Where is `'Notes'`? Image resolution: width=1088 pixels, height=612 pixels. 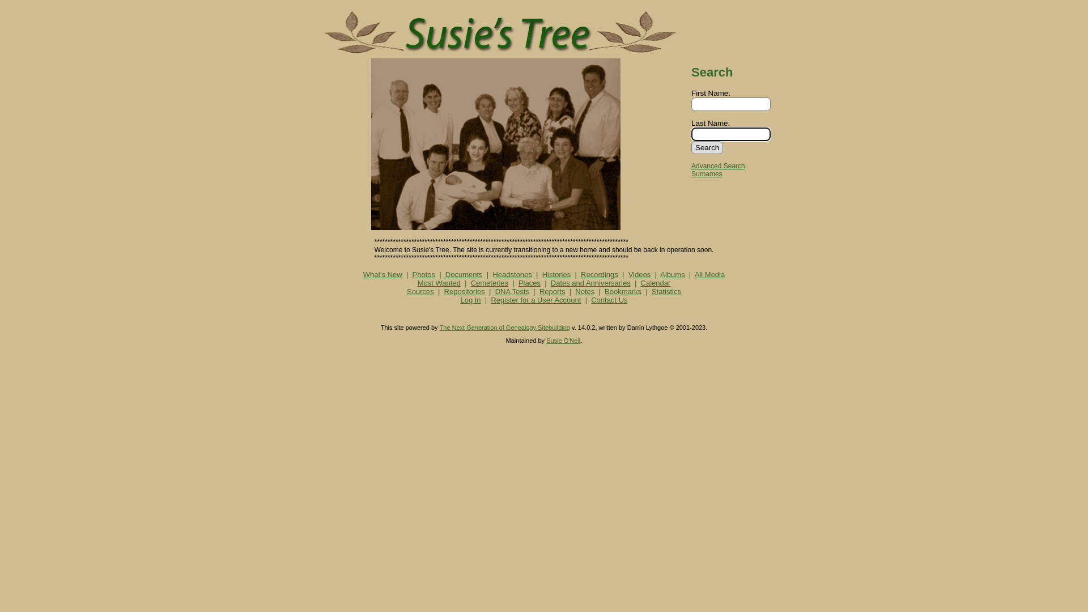 'Notes' is located at coordinates (575, 291).